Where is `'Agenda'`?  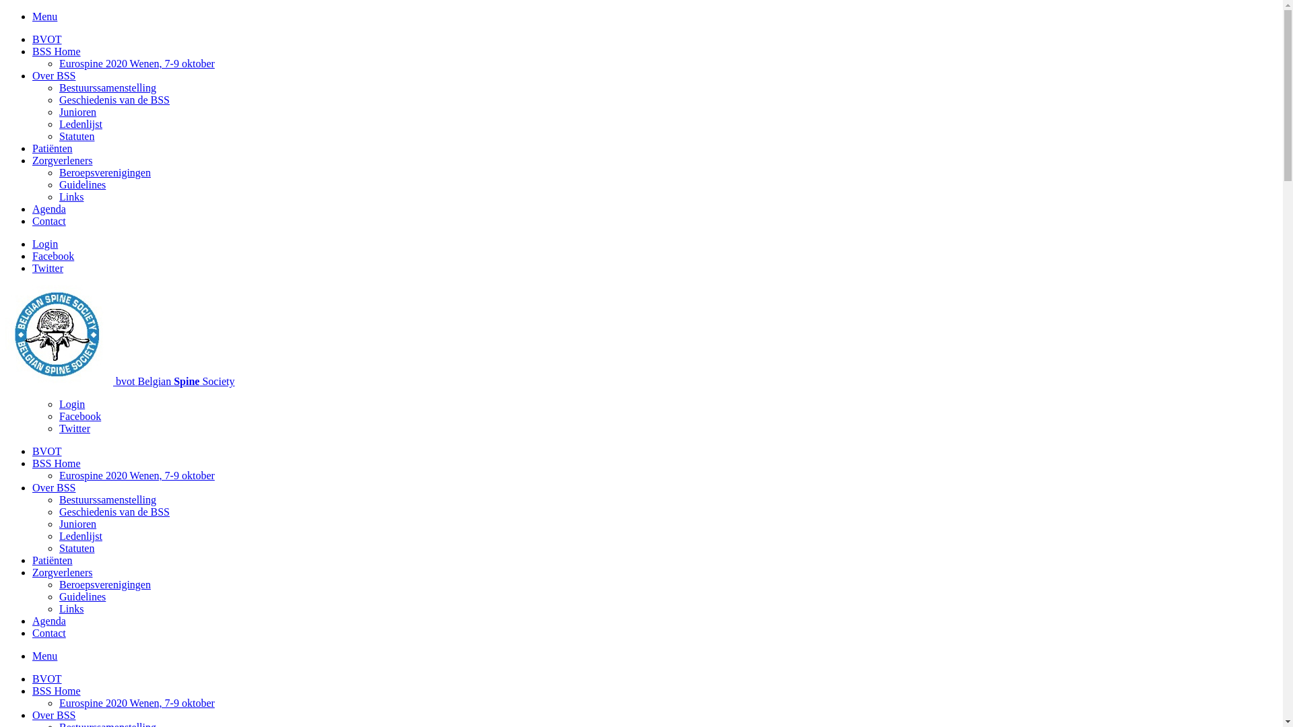
'Agenda' is located at coordinates (32, 209).